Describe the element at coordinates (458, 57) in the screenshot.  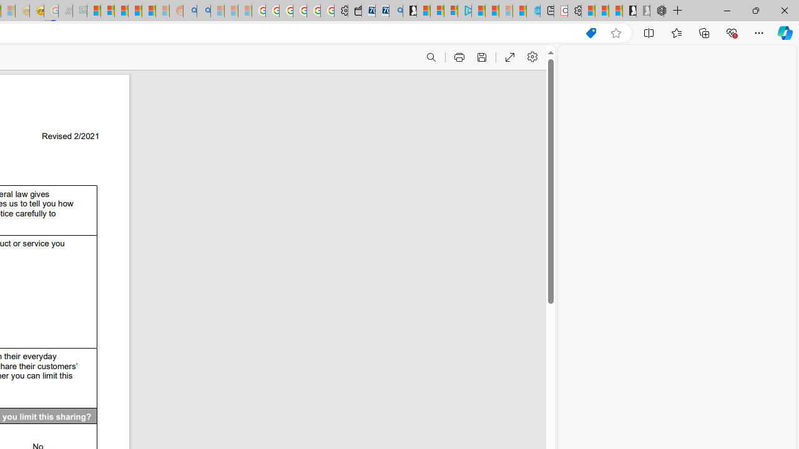
I see `'Print (Ctrl+P)'` at that location.